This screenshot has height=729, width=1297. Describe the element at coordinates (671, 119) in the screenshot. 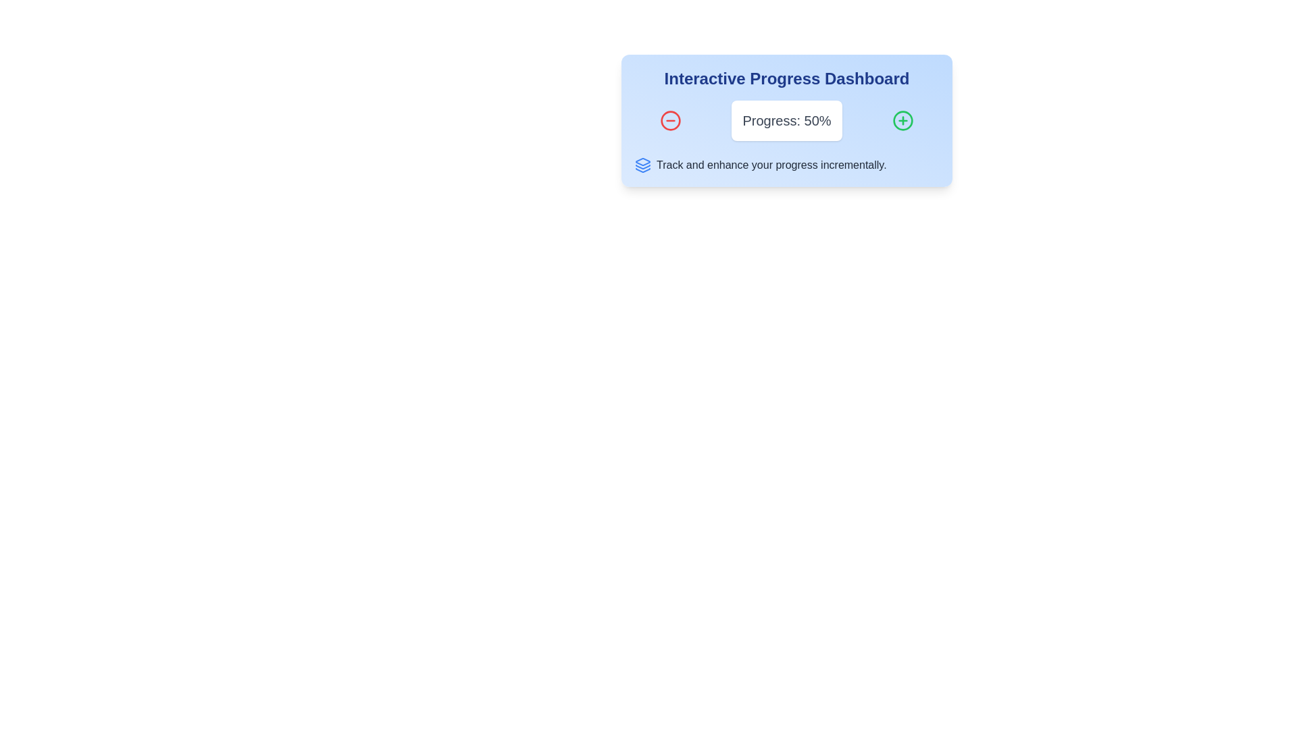

I see `the subtract button located to the left of the 'Progress: 50%' text block to decrement a value` at that location.